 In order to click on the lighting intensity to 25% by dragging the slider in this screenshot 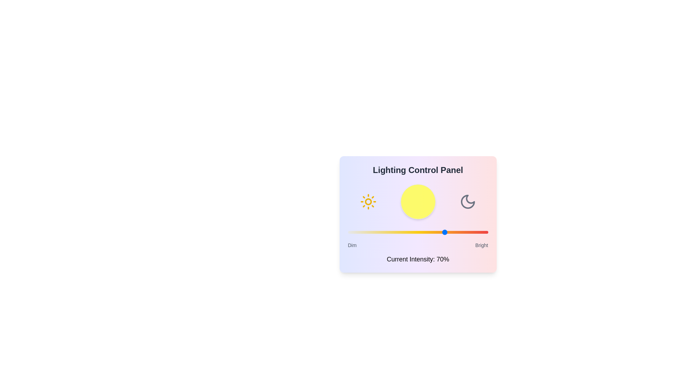, I will do `click(382, 232)`.